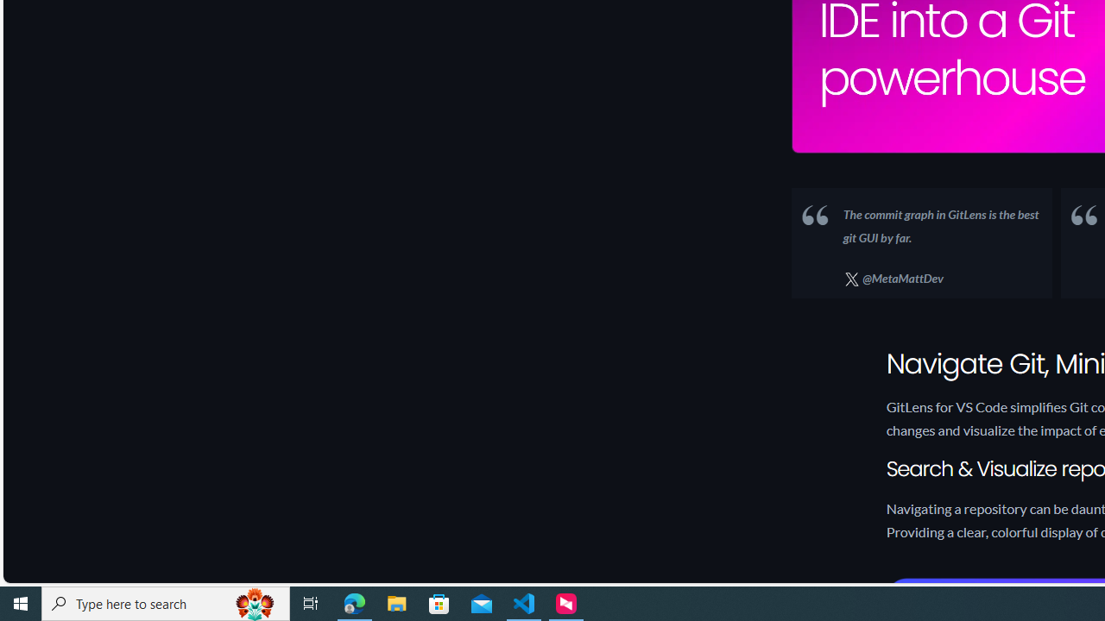 The width and height of the screenshot is (1105, 621). I want to click on 'Task View', so click(310, 602).